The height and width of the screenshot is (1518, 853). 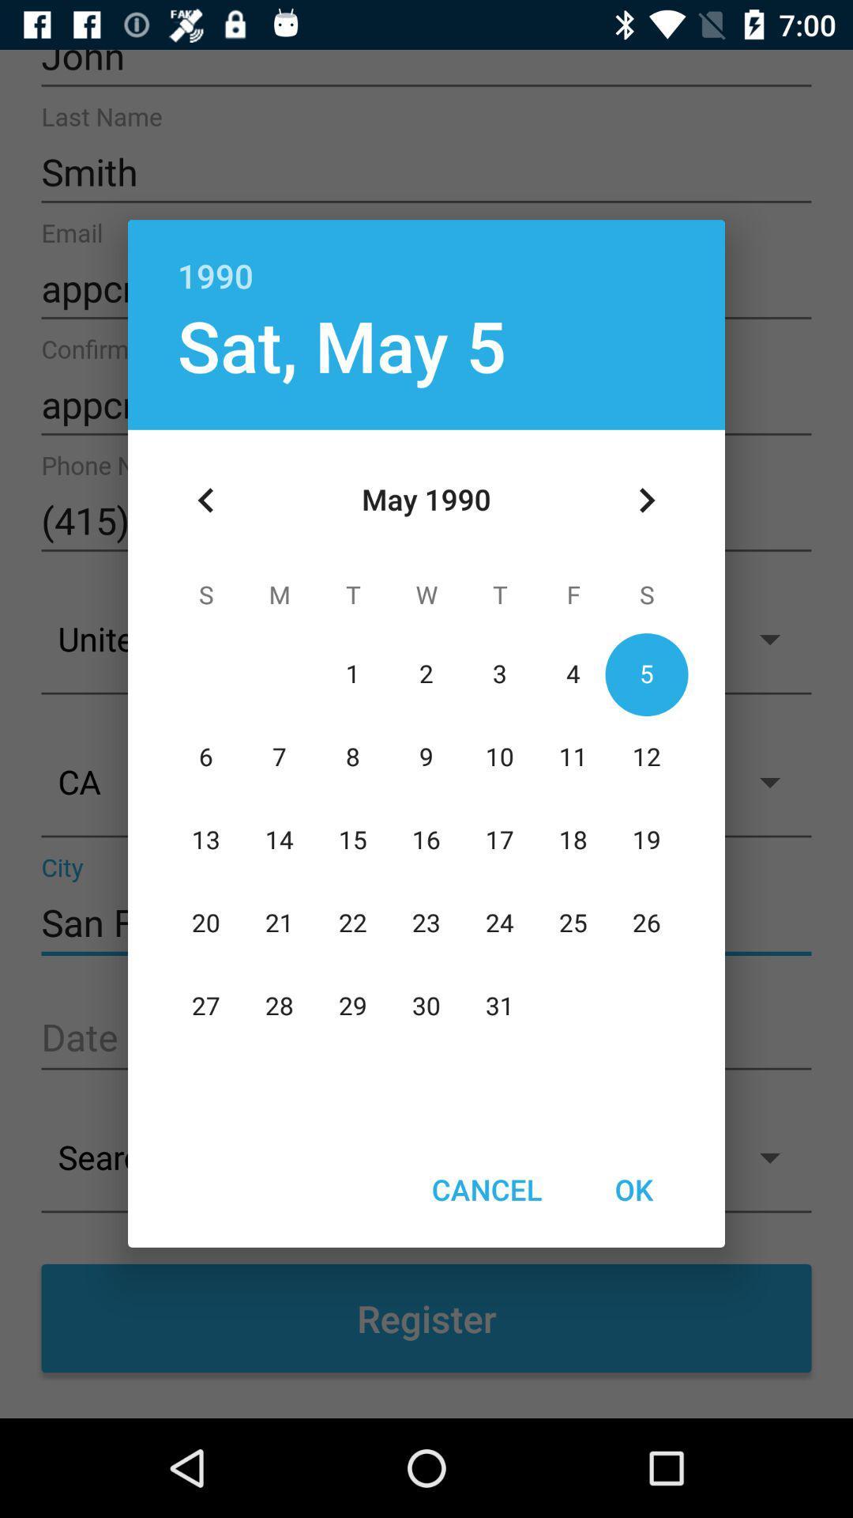 What do you see at coordinates (341, 344) in the screenshot?
I see `item below 1990 item` at bounding box center [341, 344].